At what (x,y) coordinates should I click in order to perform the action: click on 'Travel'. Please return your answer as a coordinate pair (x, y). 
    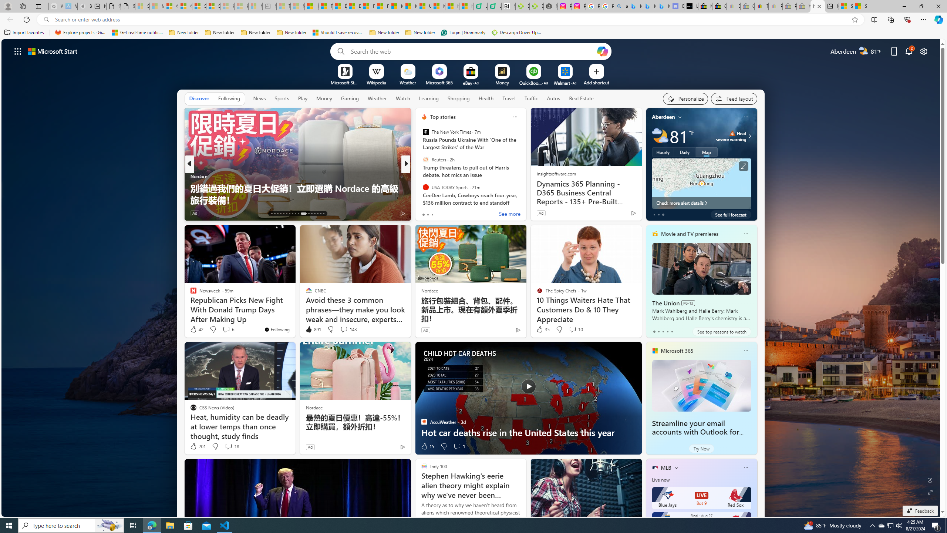
    Looking at the image, I should click on (509, 98).